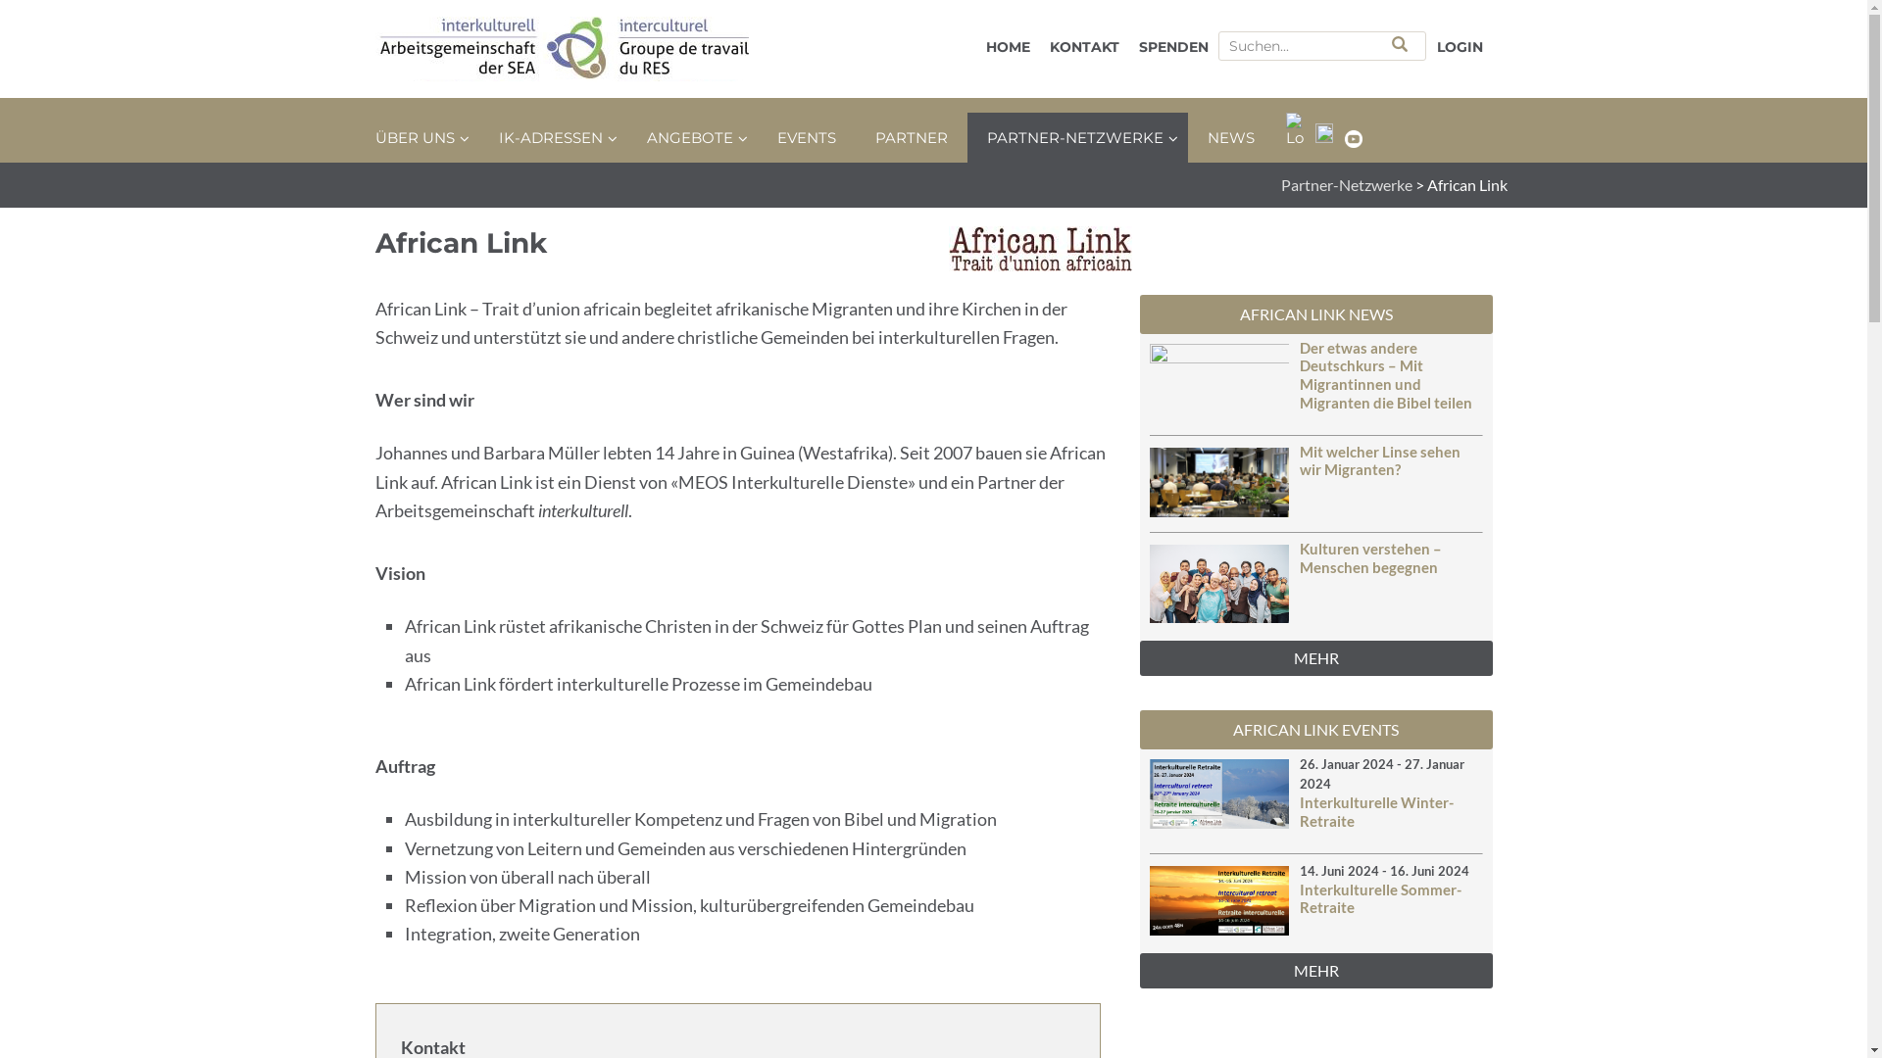  What do you see at coordinates (1344, 183) in the screenshot?
I see `'Partner-Netzwerke'` at bounding box center [1344, 183].